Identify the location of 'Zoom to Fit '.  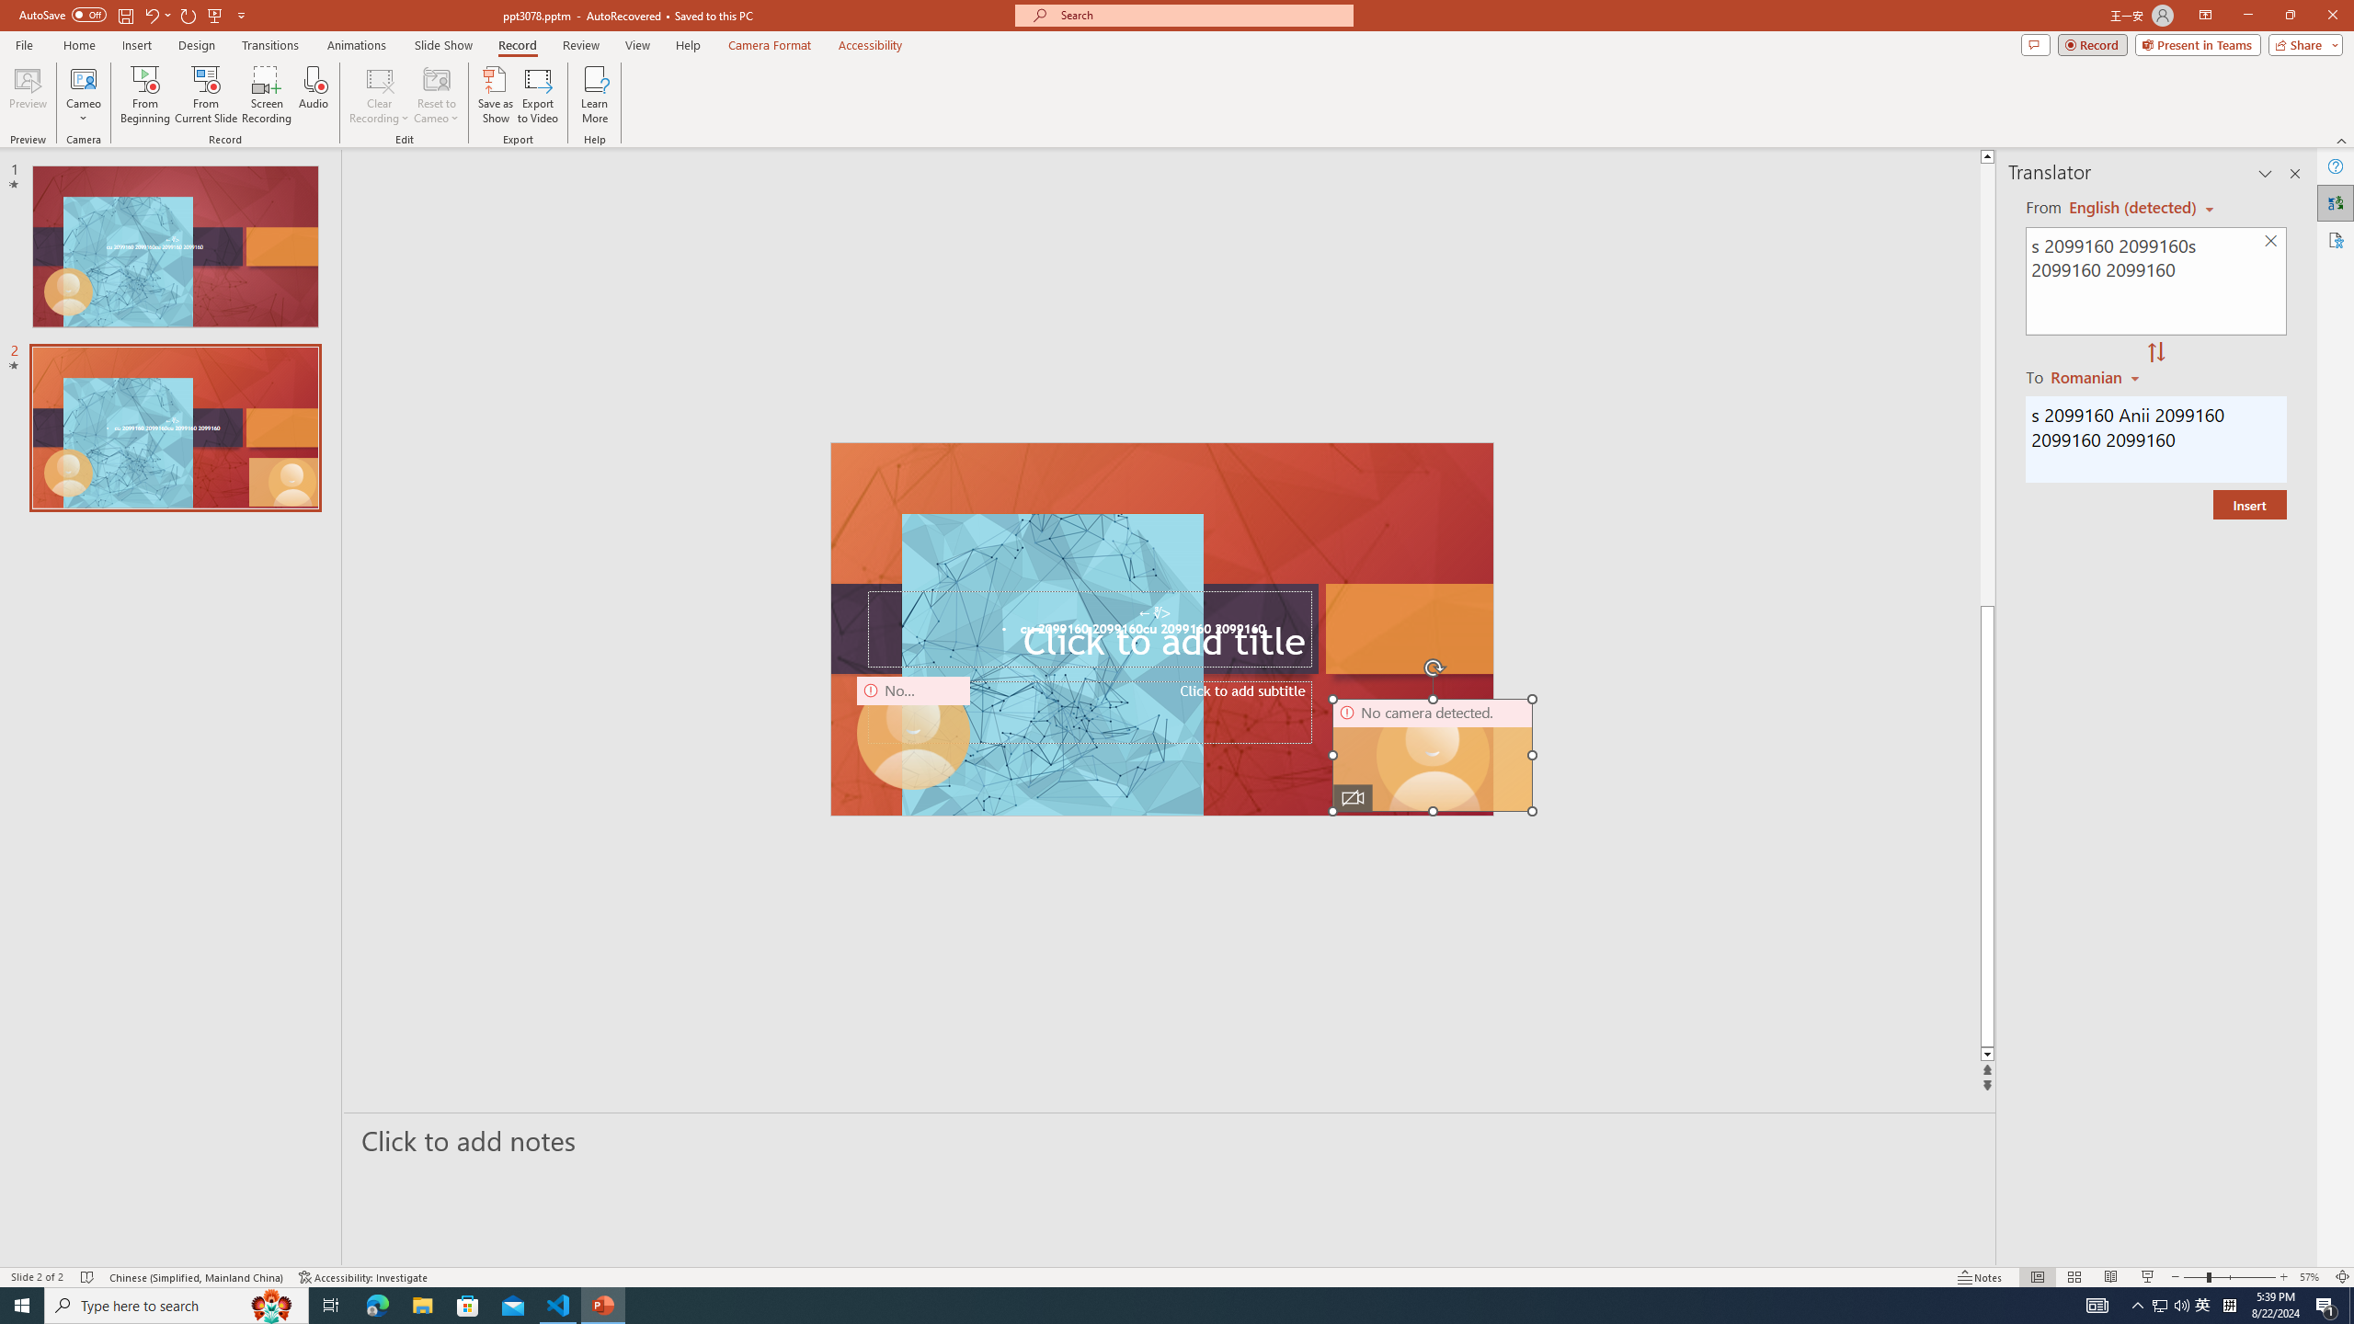
(2342, 1277).